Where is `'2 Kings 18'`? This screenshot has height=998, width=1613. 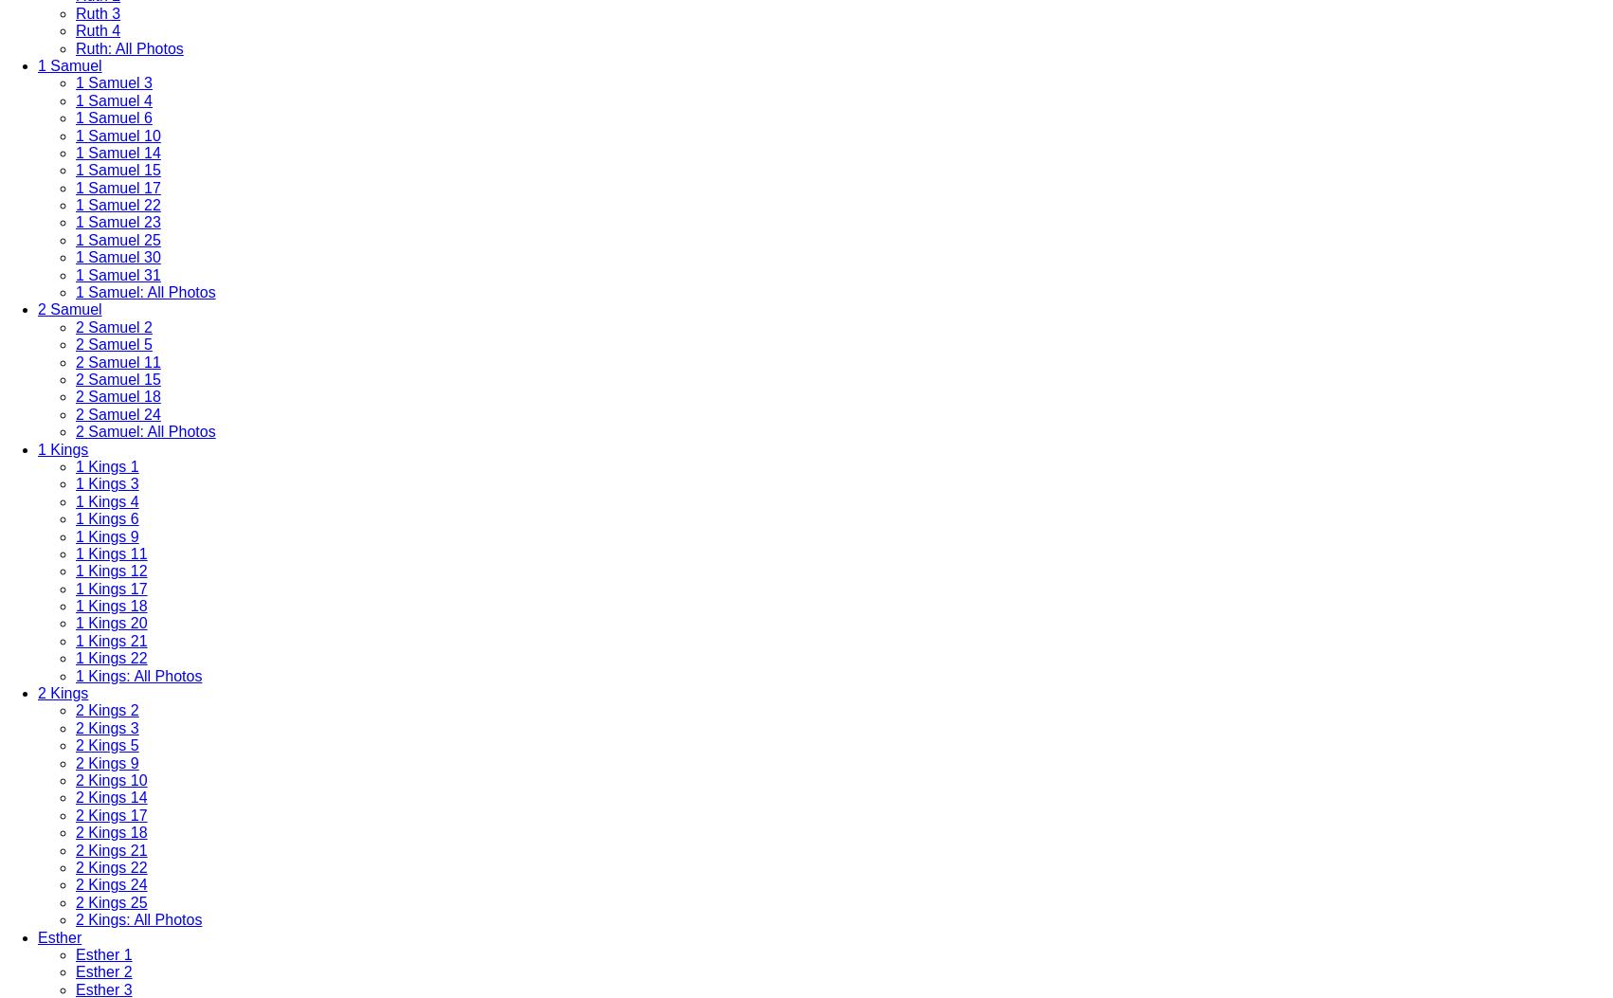 '2 Kings 18' is located at coordinates (111, 832).